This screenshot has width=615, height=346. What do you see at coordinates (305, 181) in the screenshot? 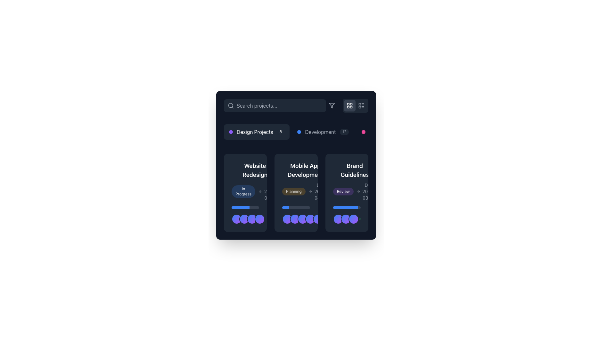
I see `the text display element that shows 'Mobile App Development' with a bold, white font and a smaller 'Planning' status below it, which is enclosed in a rounded amber rectangle` at bounding box center [305, 181].